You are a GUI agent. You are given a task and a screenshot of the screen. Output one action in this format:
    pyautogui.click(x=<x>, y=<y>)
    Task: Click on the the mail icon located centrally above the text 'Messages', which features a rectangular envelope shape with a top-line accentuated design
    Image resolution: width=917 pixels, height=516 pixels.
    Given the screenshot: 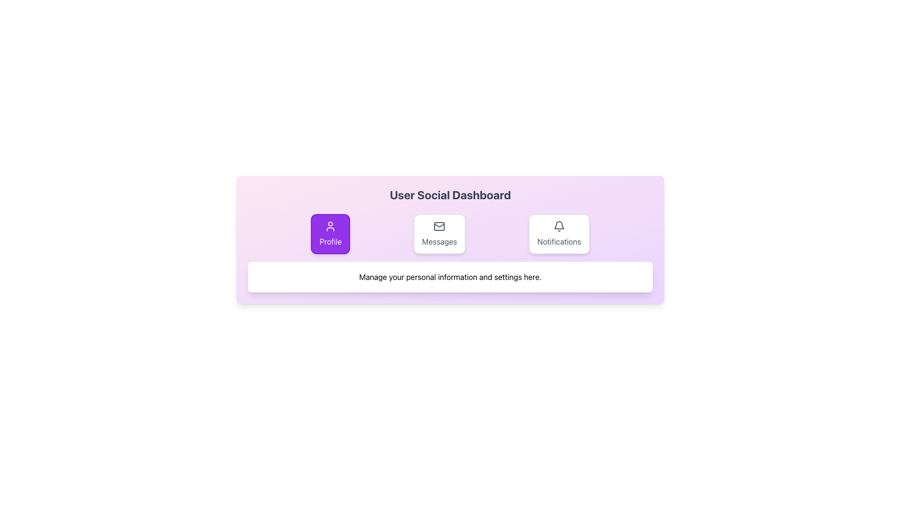 What is the action you would take?
    pyautogui.click(x=439, y=226)
    